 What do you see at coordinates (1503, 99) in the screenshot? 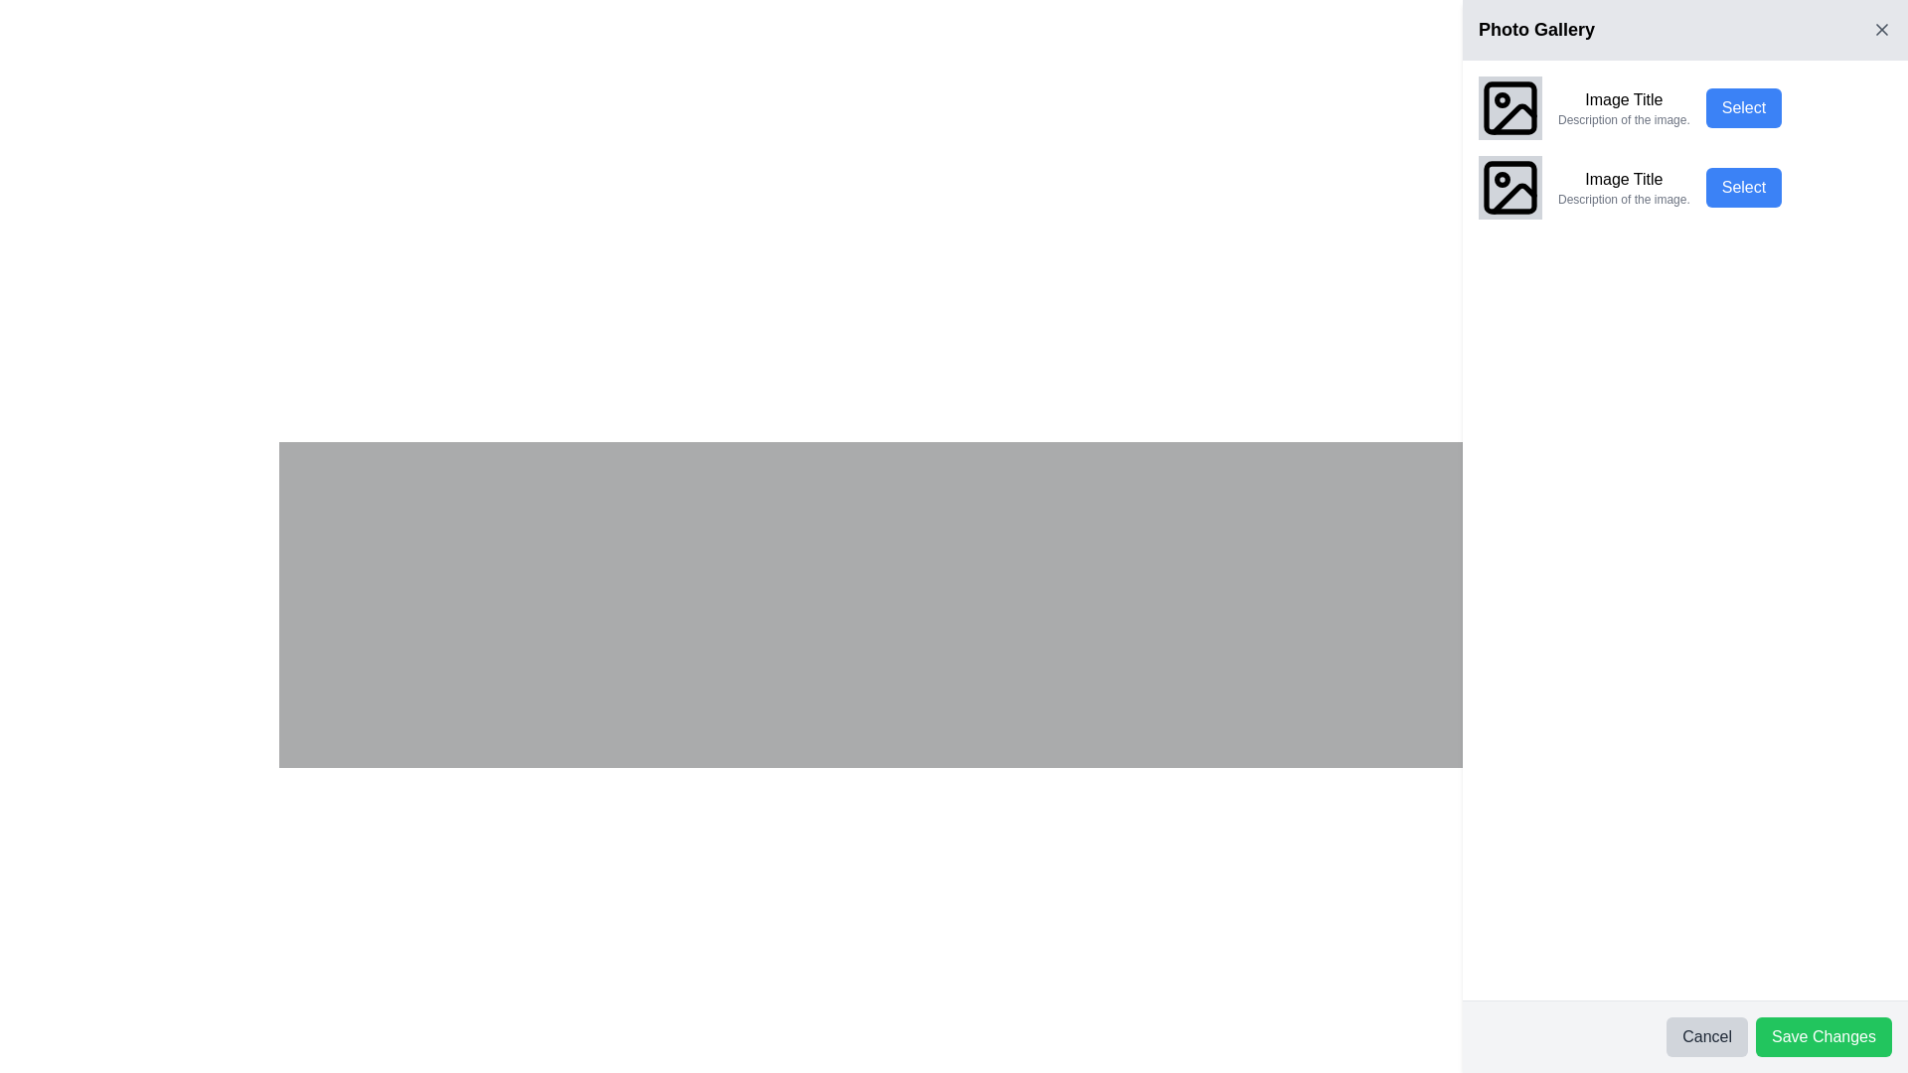
I see `the small circular shape (Circle) within the image icon at the top of the photo gallery interface` at bounding box center [1503, 99].